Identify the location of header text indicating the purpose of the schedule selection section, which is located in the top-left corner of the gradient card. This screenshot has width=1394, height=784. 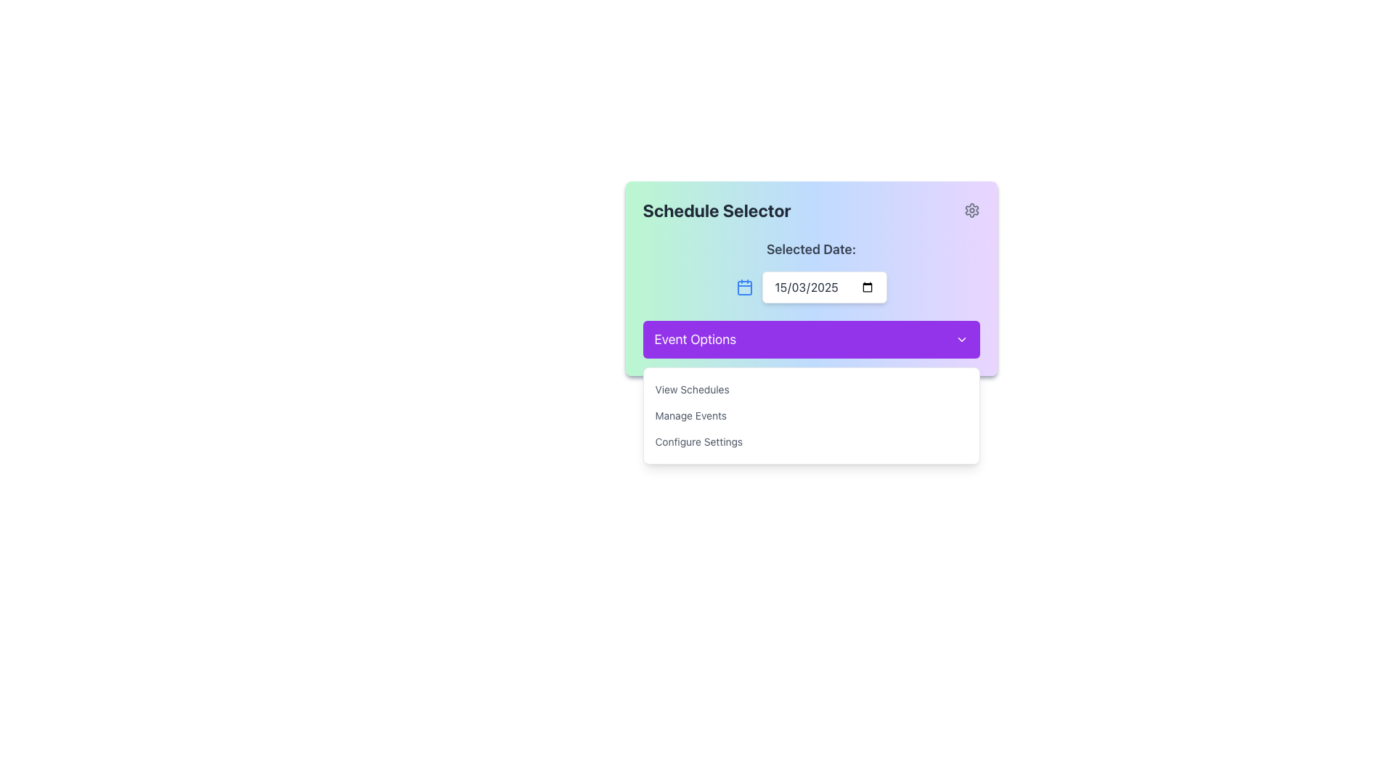
(717, 210).